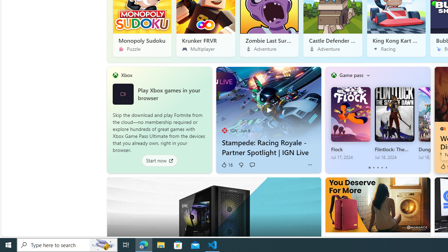 Image resolution: width=448 pixels, height=252 pixels. I want to click on 'Stampede: Racing Royale - Partner Spotlight | IGN Live', so click(268, 106).